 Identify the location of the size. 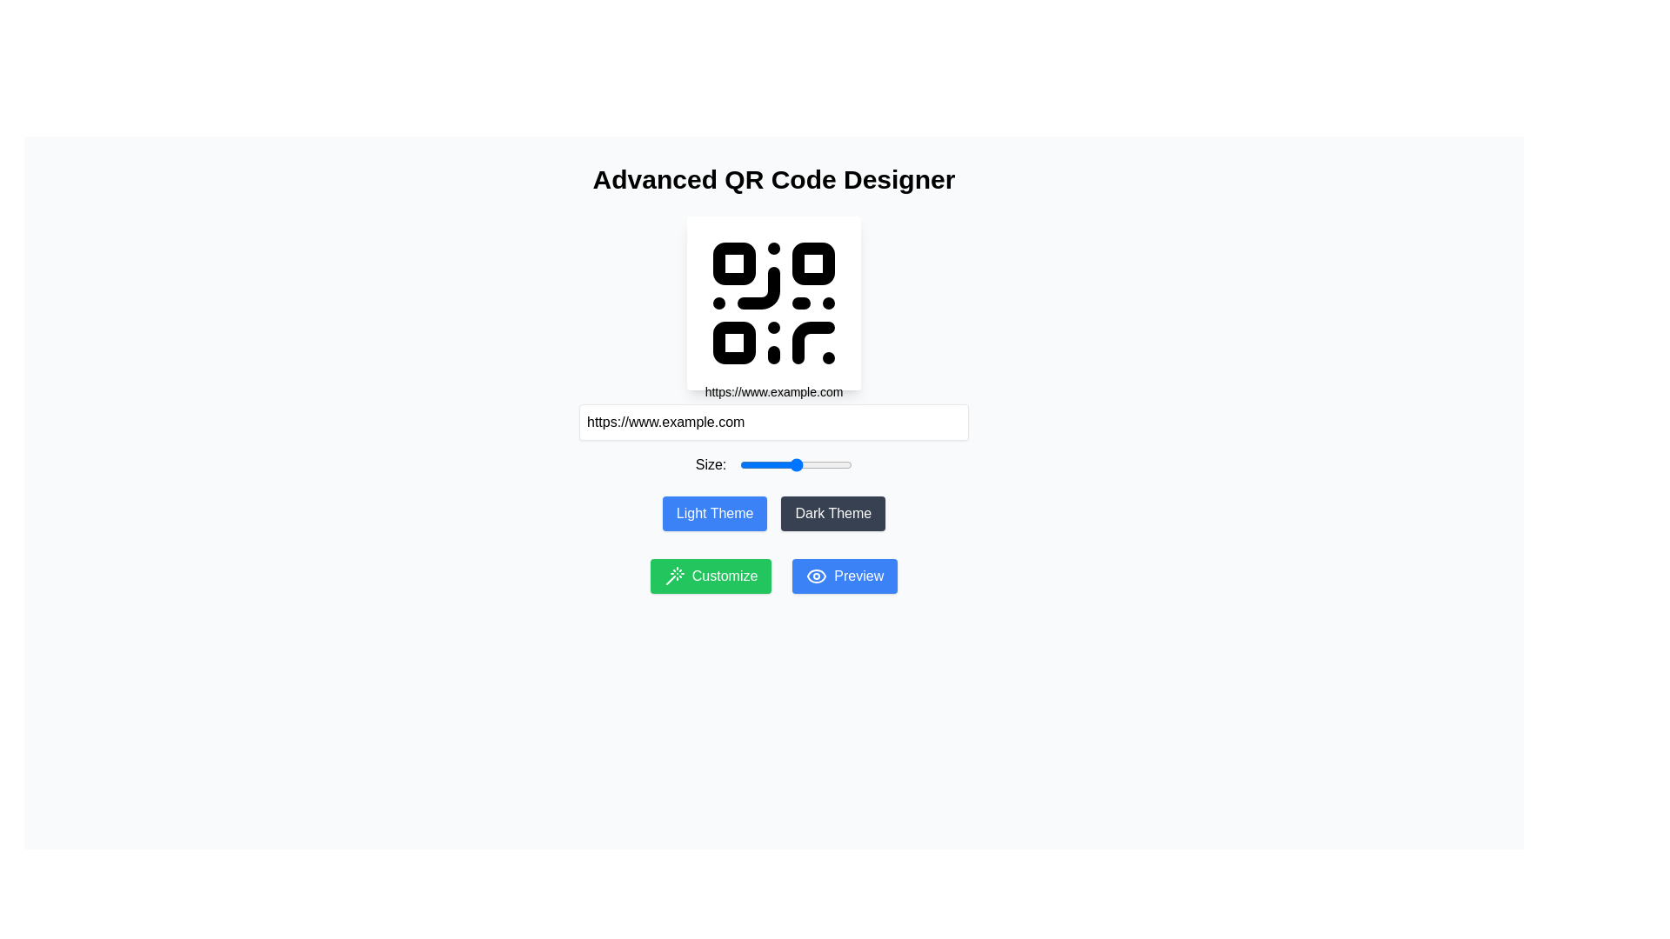
(750, 464).